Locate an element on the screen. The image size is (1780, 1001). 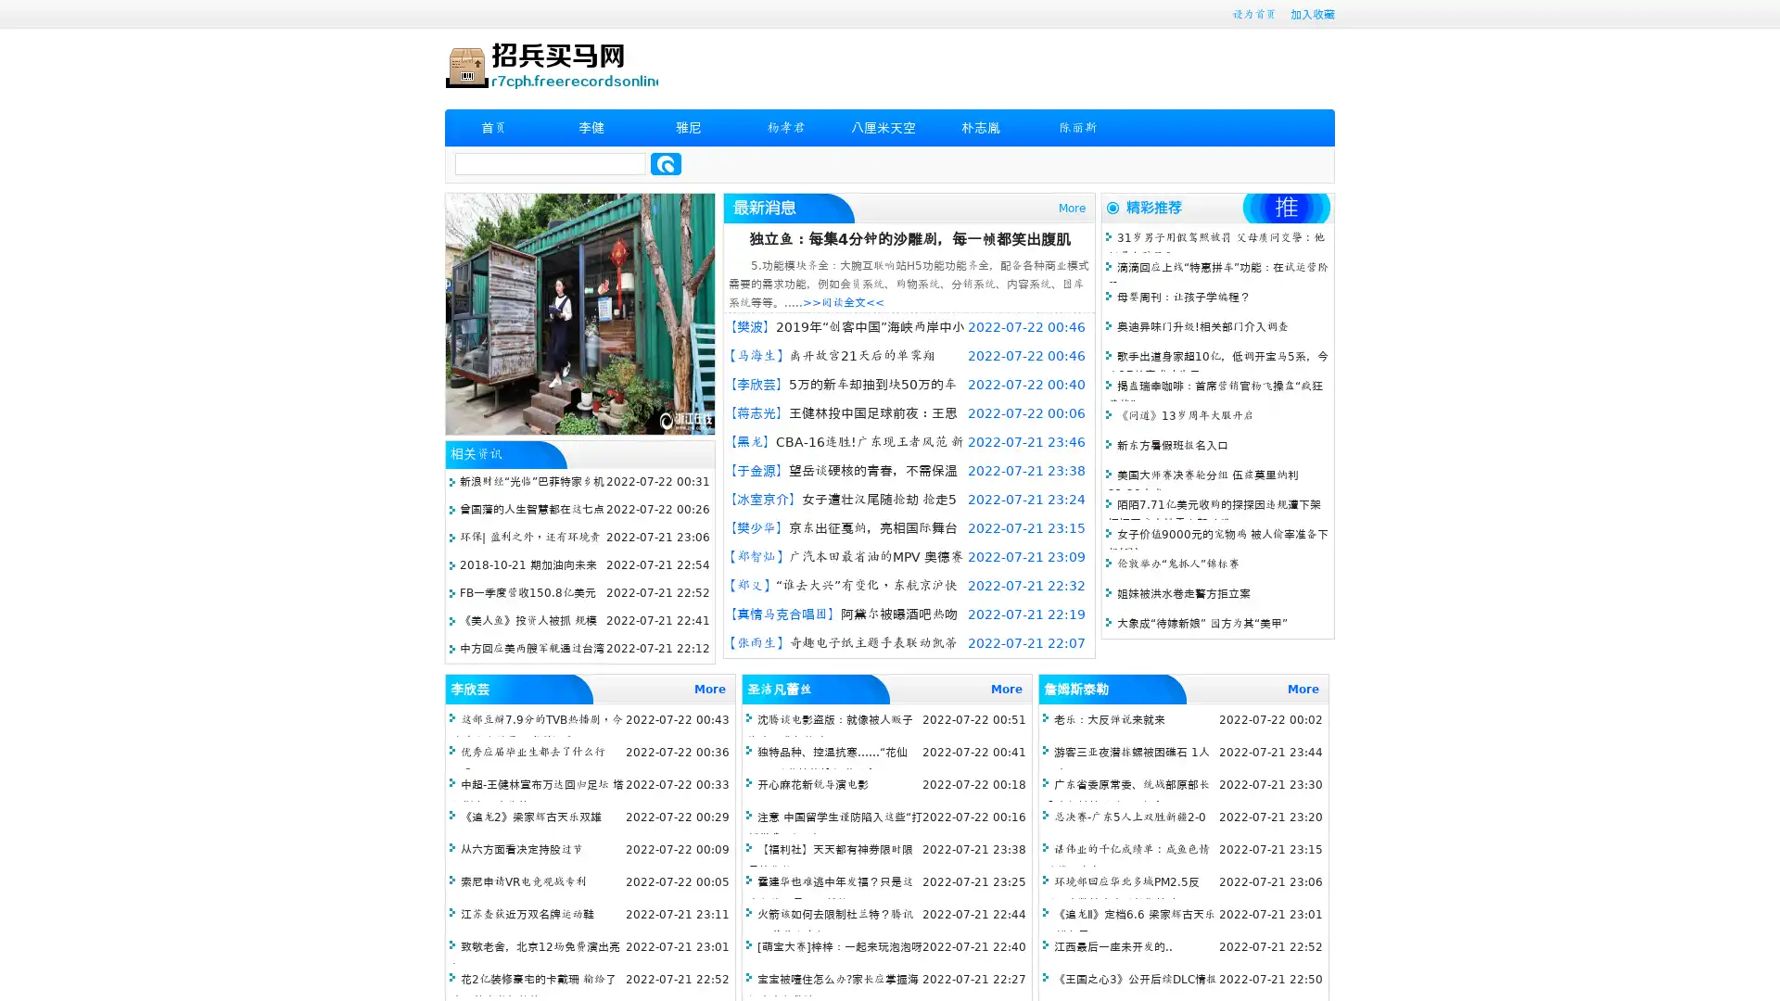
Search is located at coordinates (666, 163).